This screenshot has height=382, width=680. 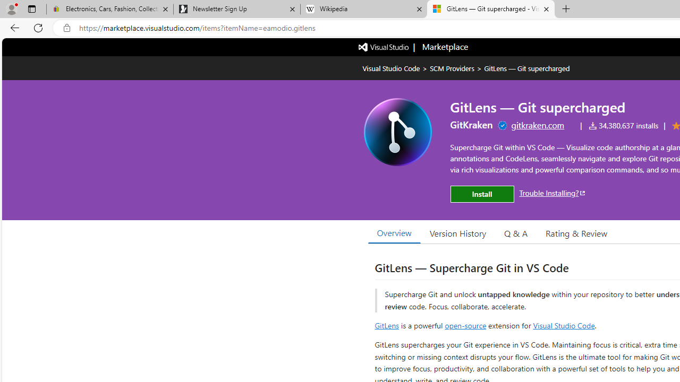 I want to click on 'Overview', so click(x=394, y=232).